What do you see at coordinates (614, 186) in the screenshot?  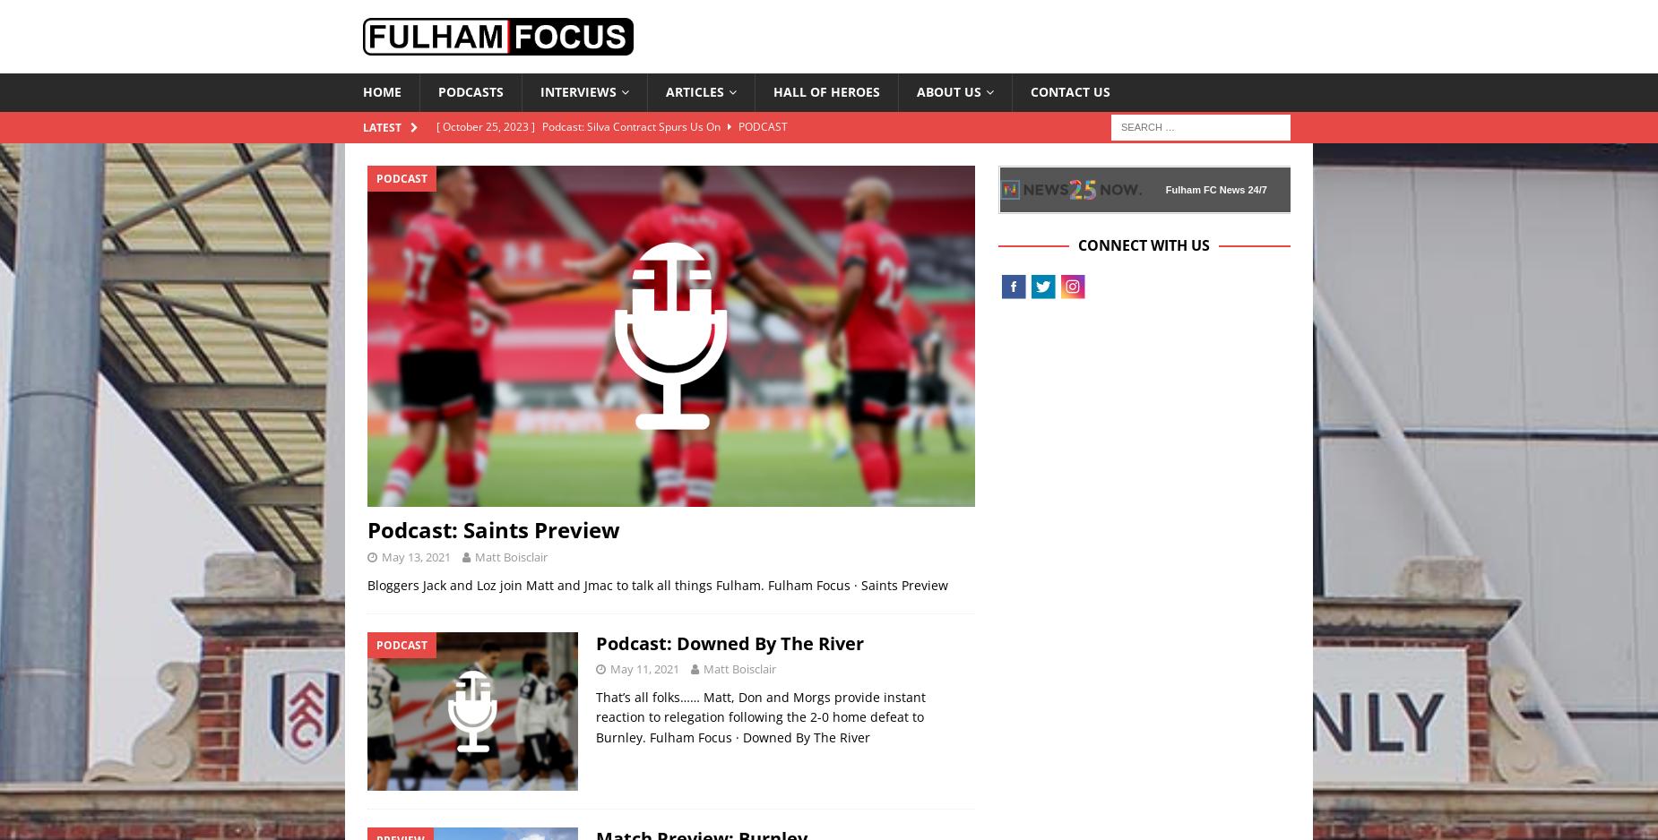 I see `'Podcast: Happy Palh-oween!'` at bounding box center [614, 186].